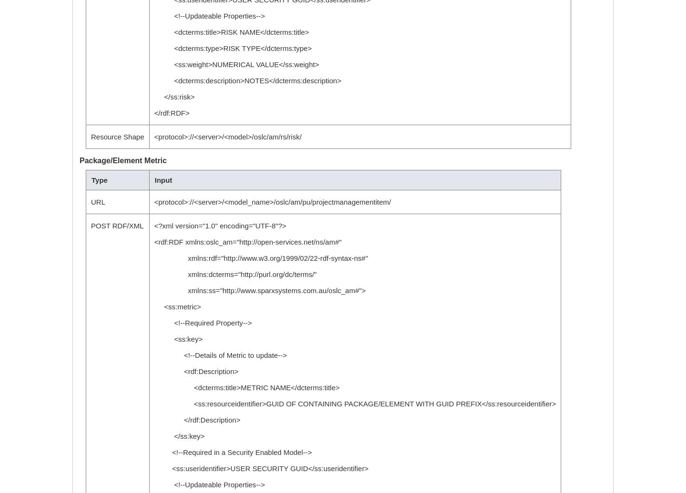 The width and height of the screenshot is (686, 493). I want to click on 'POST RDF/XML', so click(116, 226).